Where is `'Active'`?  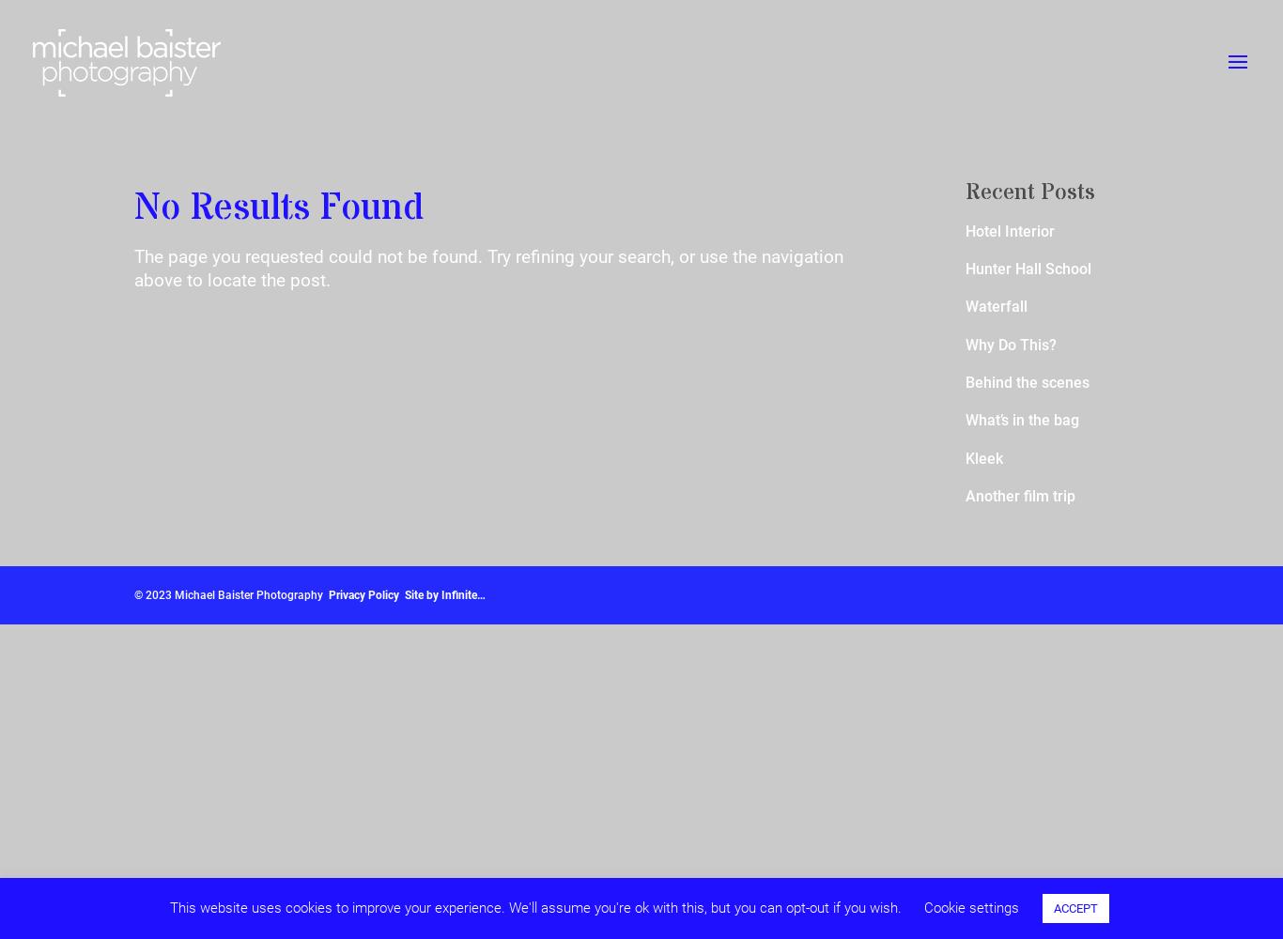 'Active' is located at coordinates (640, 383).